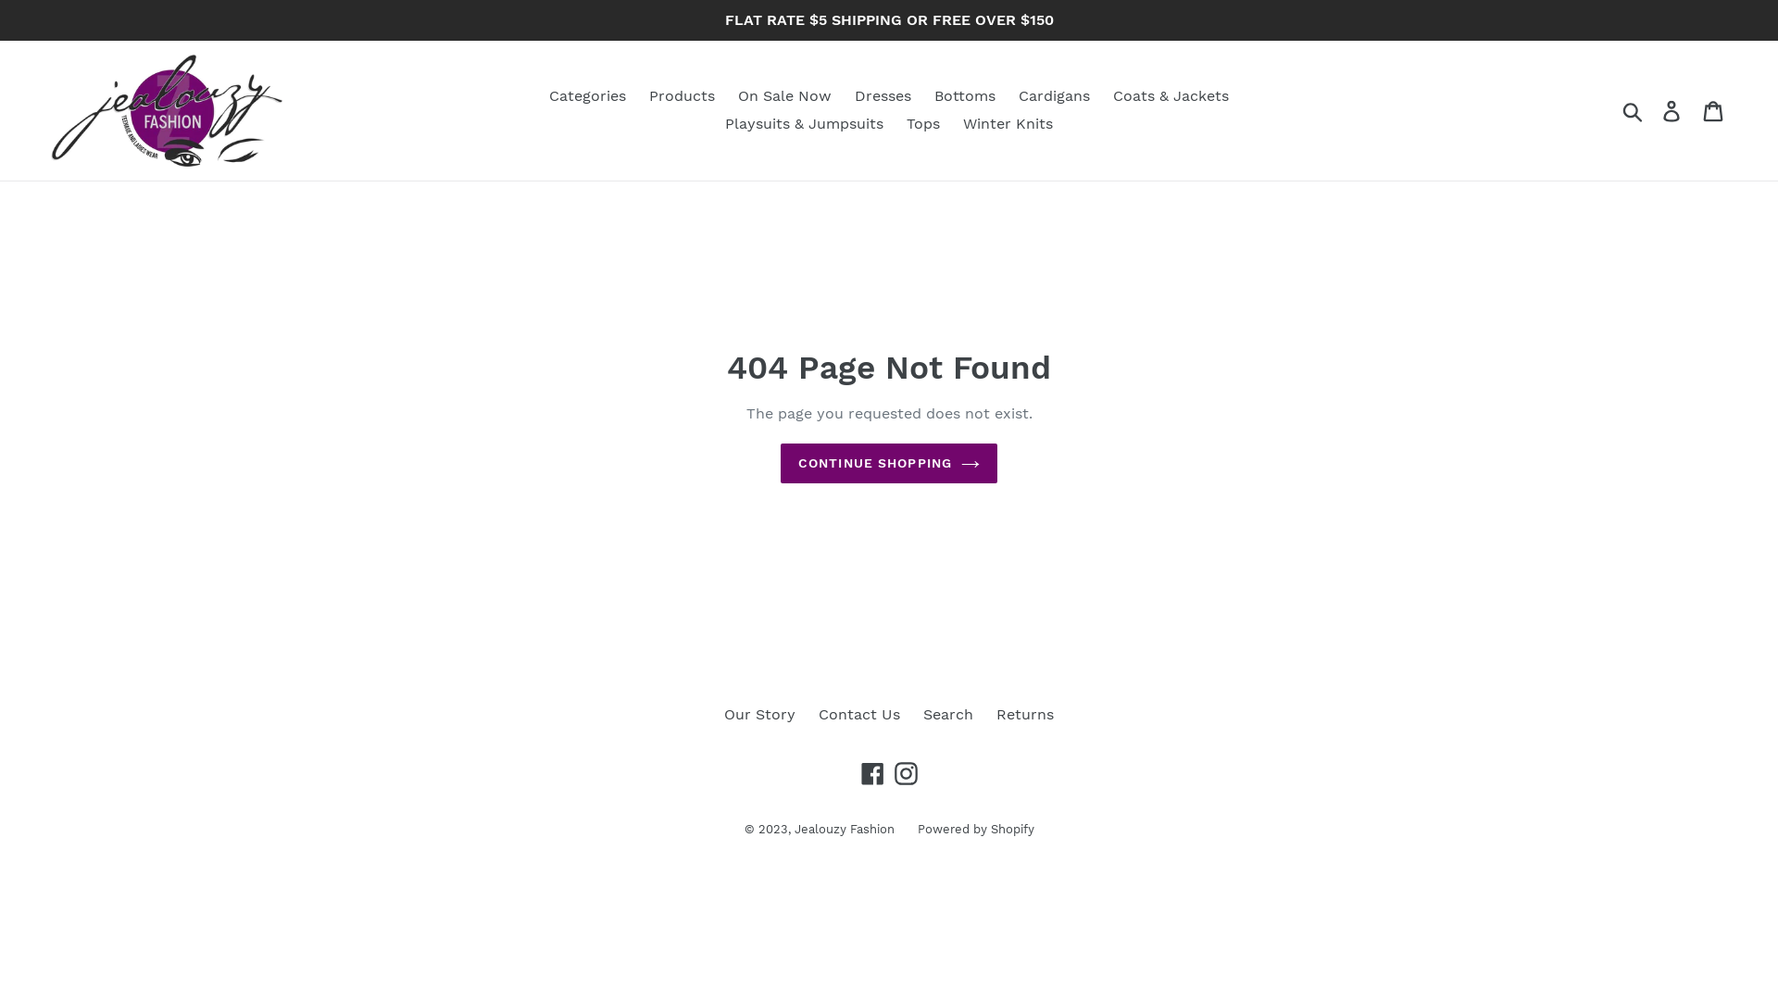  Describe the element at coordinates (1007, 124) in the screenshot. I see `'Winter Knits'` at that location.